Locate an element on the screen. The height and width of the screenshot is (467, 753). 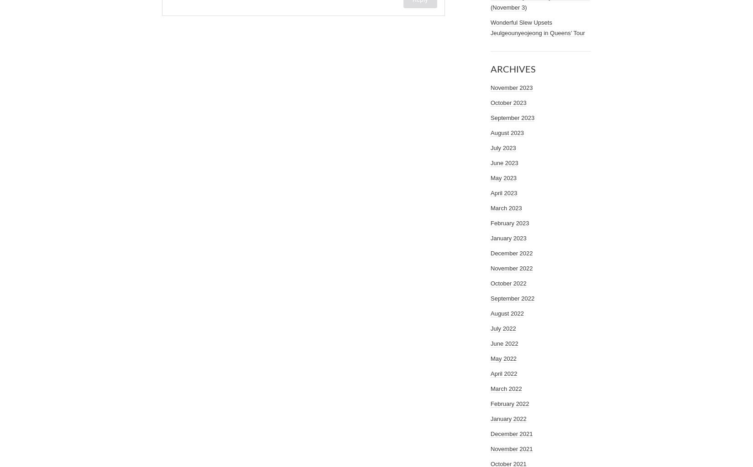
'November 2023' is located at coordinates (512, 88).